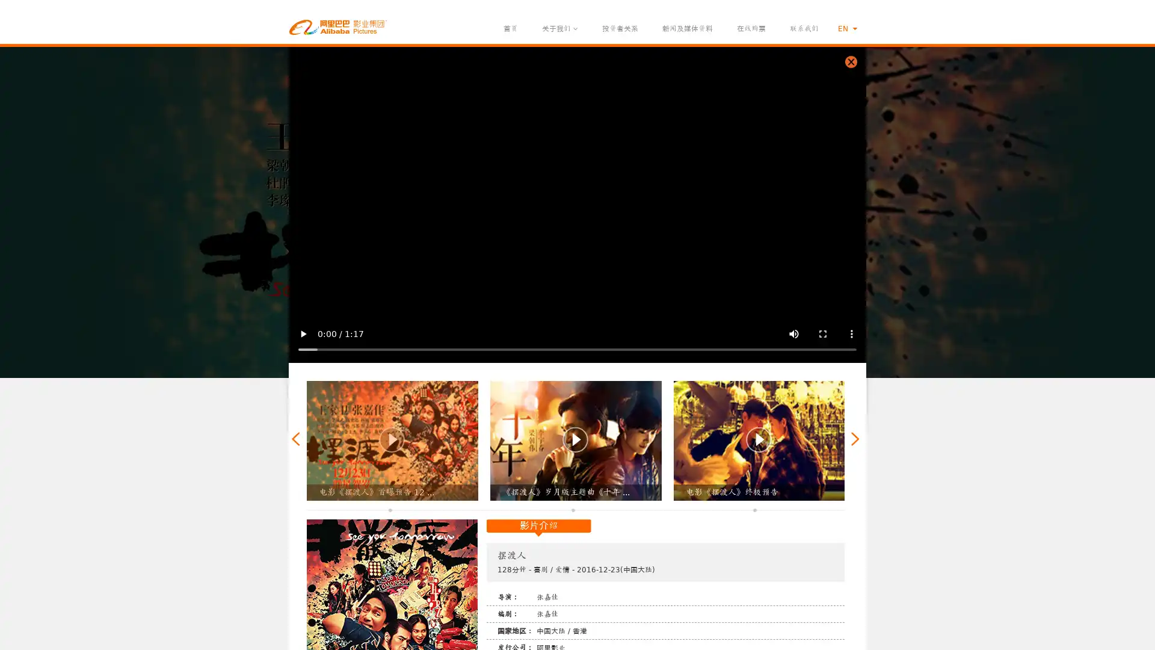 Image resolution: width=1155 pixels, height=650 pixels. What do you see at coordinates (851, 334) in the screenshot?
I see `show more media controls` at bounding box center [851, 334].